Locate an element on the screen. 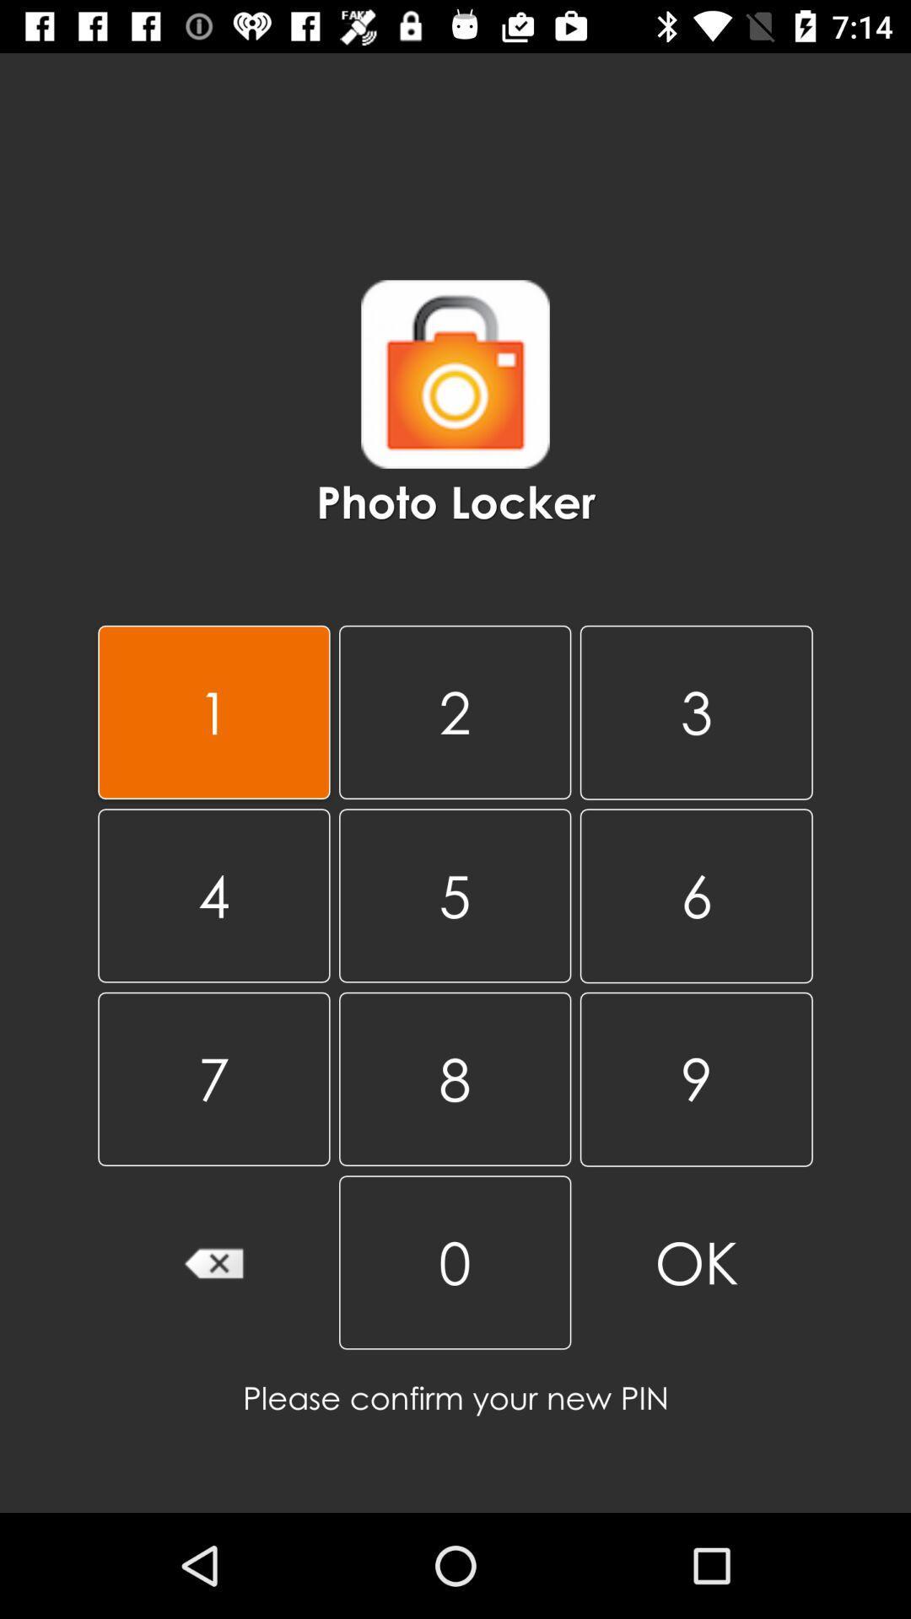 The width and height of the screenshot is (911, 1619). 8 item is located at coordinates (454, 1078).